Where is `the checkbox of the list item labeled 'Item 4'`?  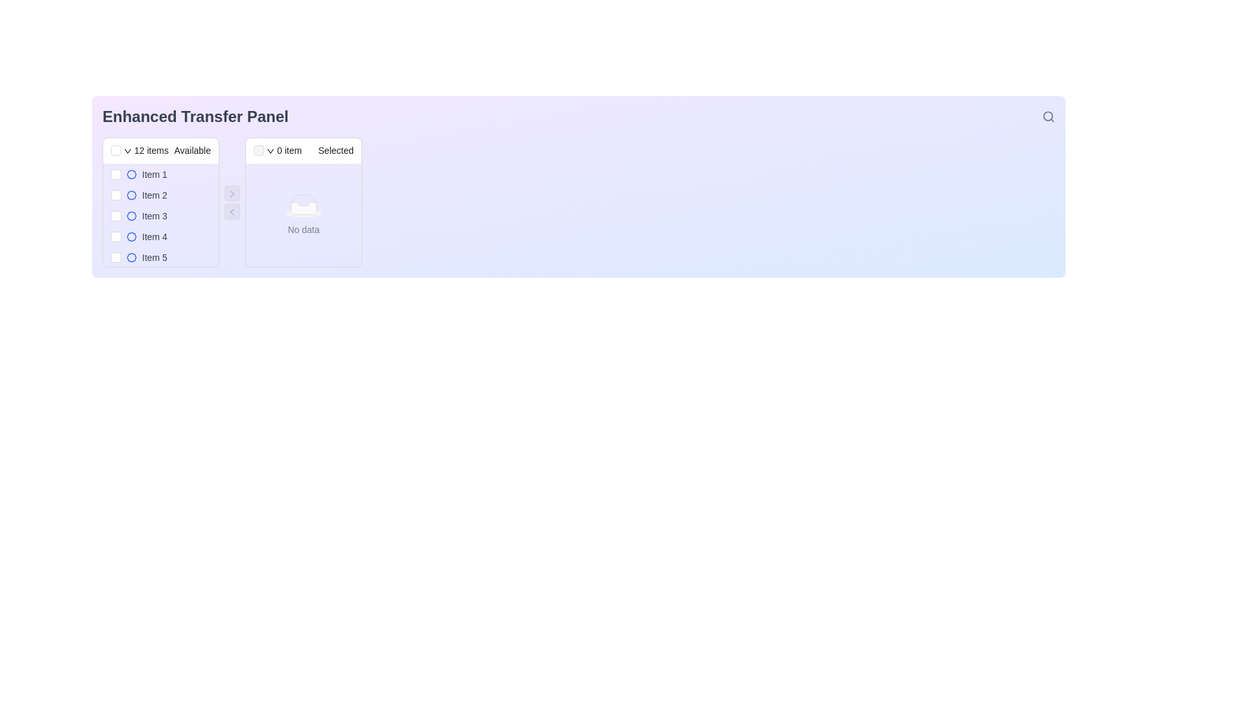 the checkbox of the list item labeled 'Item 4' is located at coordinates (160, 237).